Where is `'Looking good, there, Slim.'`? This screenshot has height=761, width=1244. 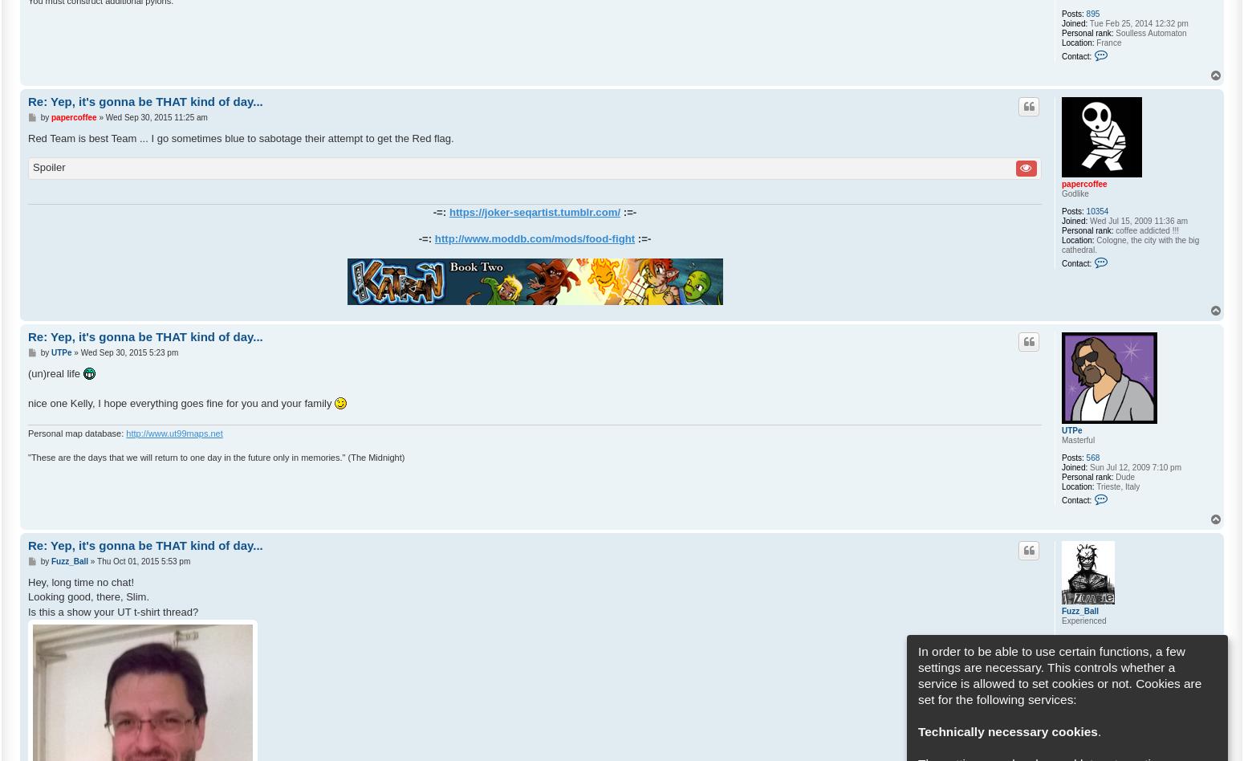 'Looking good, there, Slim.' is located at coordinates (27, 596).